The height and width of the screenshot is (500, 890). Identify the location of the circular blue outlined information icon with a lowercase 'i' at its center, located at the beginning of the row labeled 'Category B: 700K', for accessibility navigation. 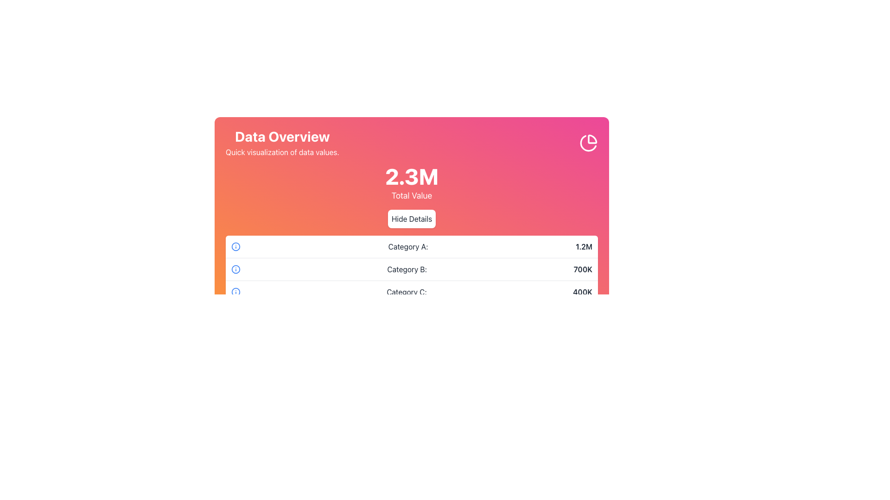
(235, 269).